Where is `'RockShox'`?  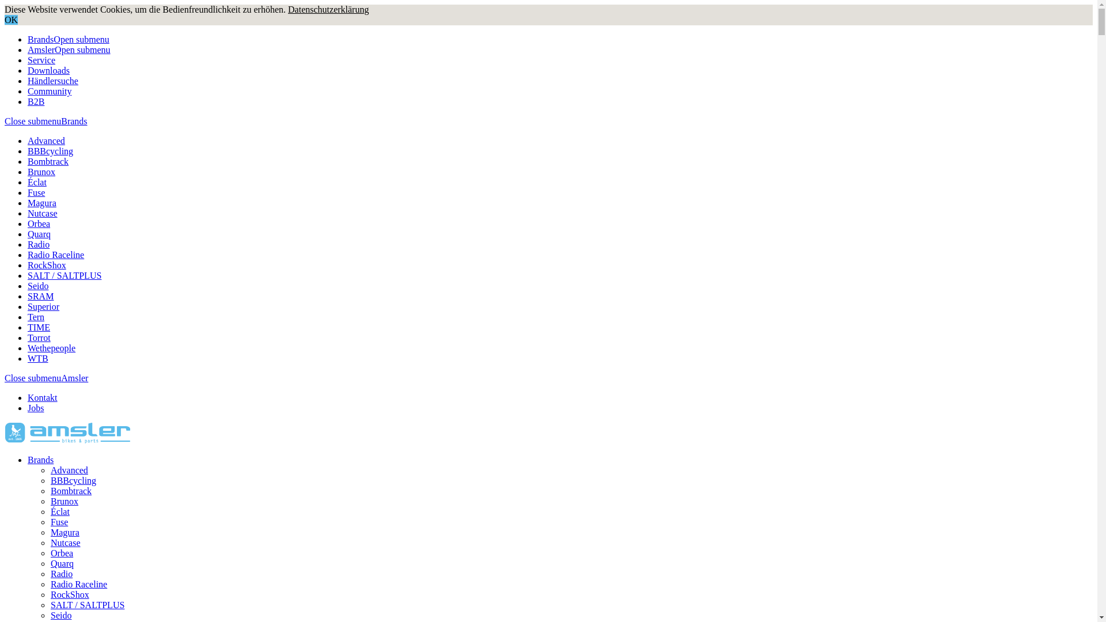
'RockShox' is located at coordinates (69, 594).